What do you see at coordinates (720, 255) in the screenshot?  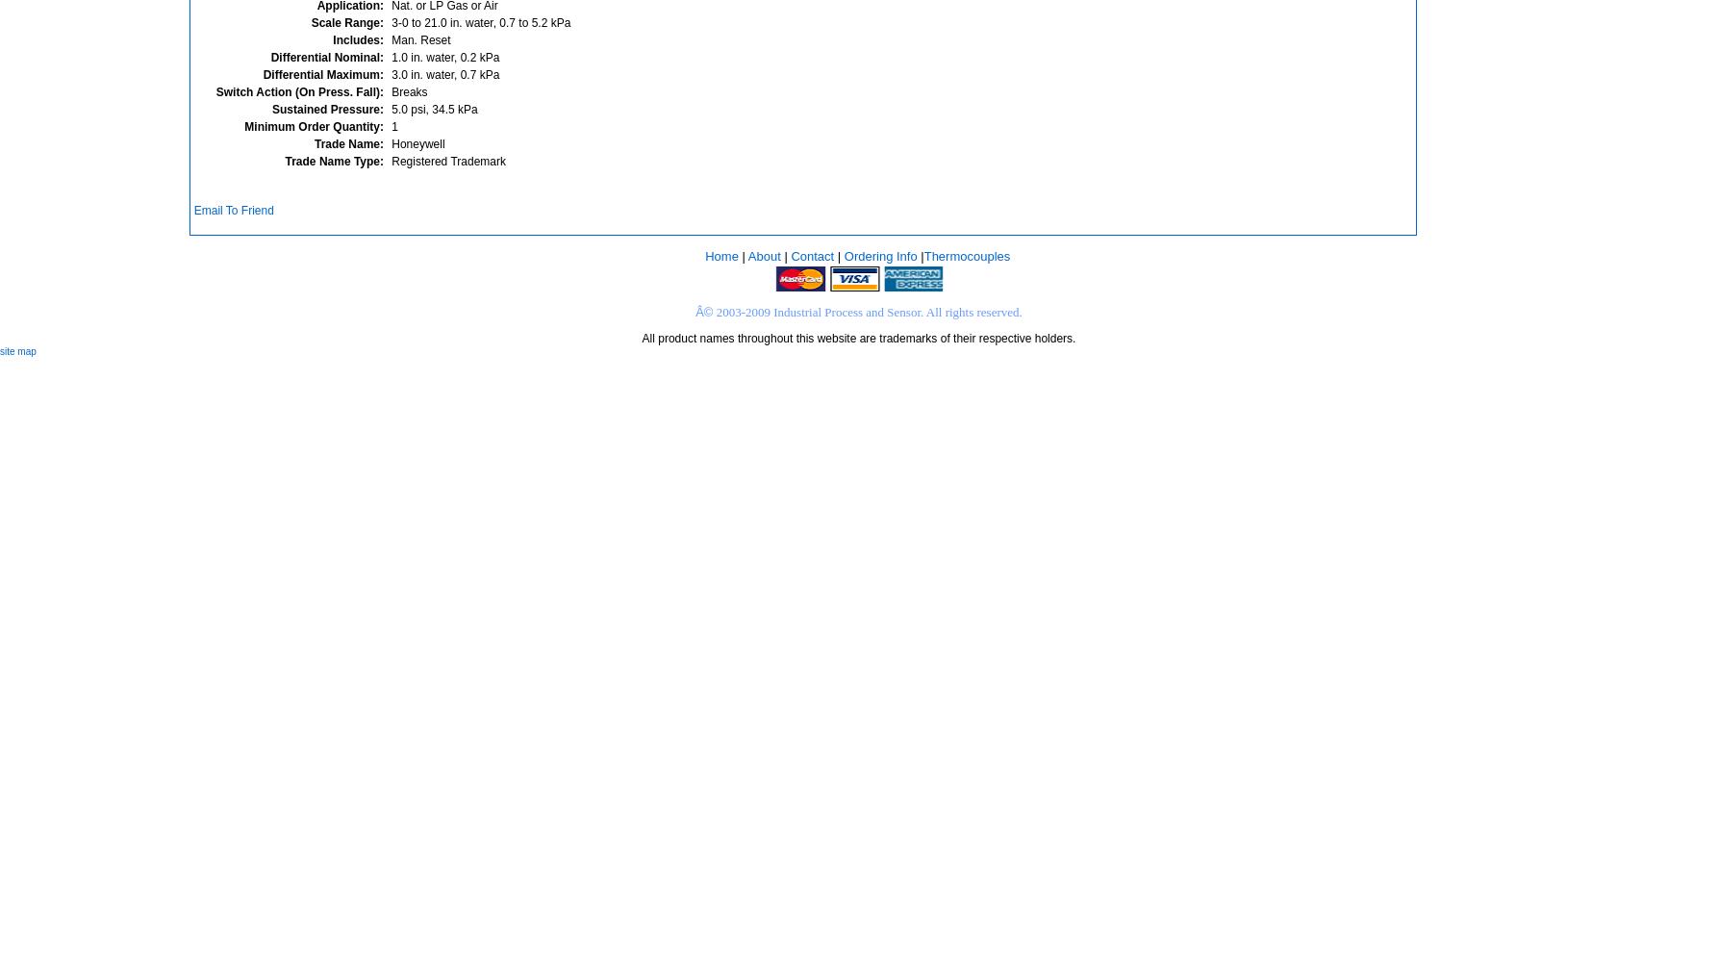 I see `'Home'` at bounding box center [720, 255].